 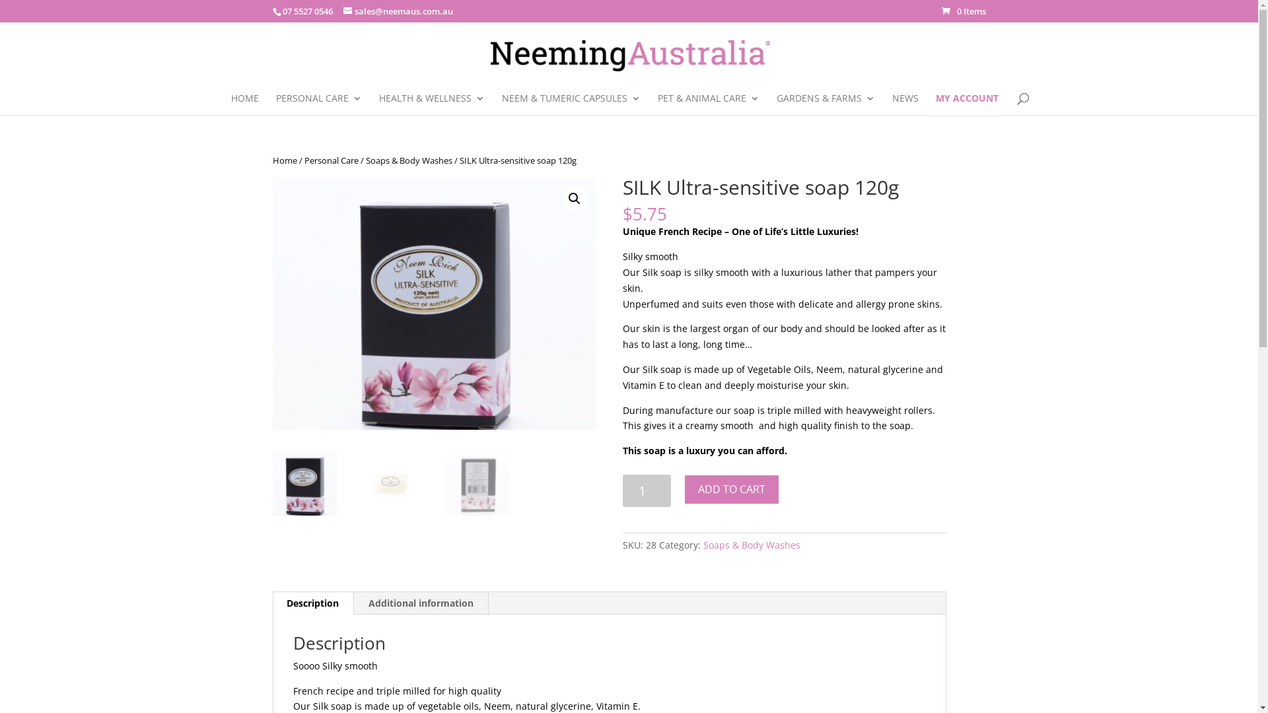 I want to click on 'Soaps & Body Washes', so click(x=408, y=160).